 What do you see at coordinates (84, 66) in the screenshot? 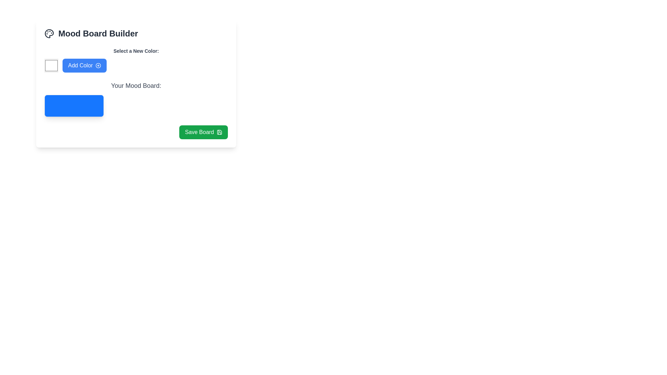
I see `the blue button labeled 'Add Color' with white text and a plus icon, which is positioned` at bounding box center [84, 66].